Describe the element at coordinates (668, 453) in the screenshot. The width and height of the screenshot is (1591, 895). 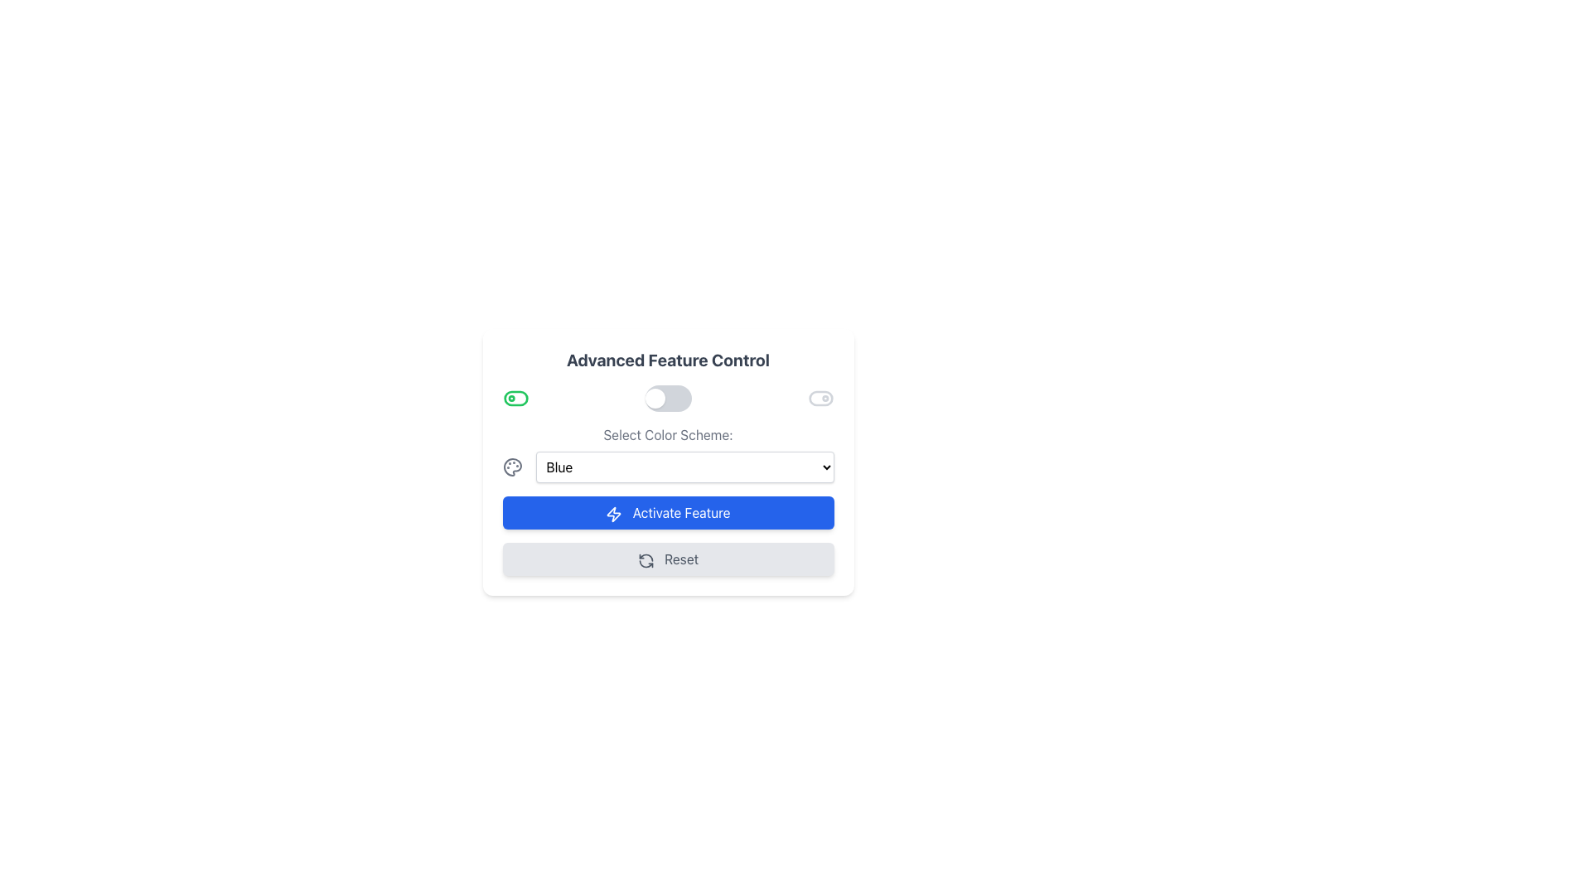
I see `the dropdown menu within the 'Advanced Feature Control' section` at that location.